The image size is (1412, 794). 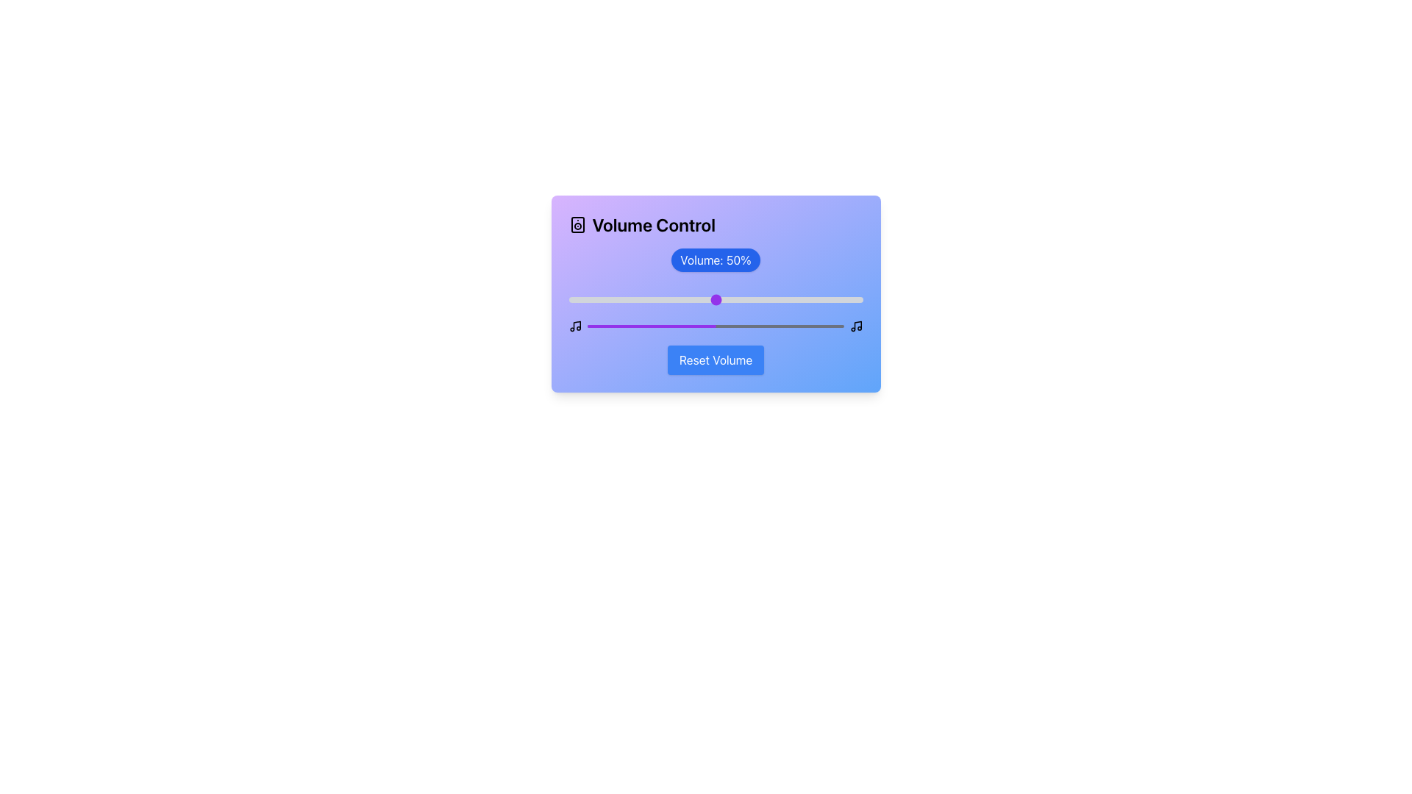 What do you see at coordinates (809, 299) in the screenshot?
I see `volume` at bounding box center [809, 299].